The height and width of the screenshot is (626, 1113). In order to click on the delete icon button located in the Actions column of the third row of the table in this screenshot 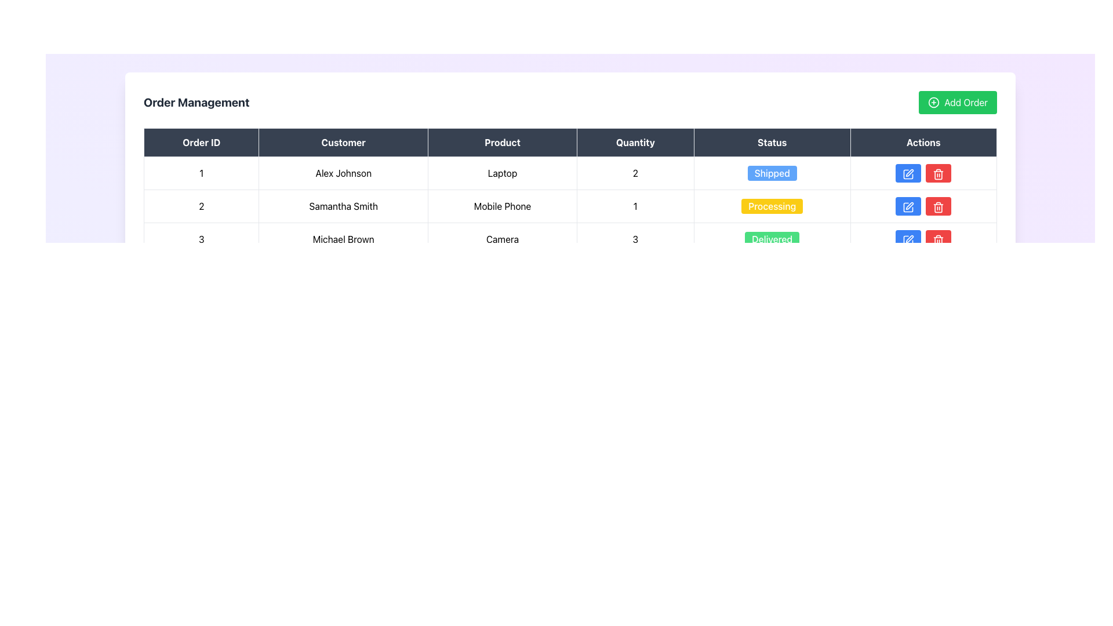, I will do `click(939, 206)`.